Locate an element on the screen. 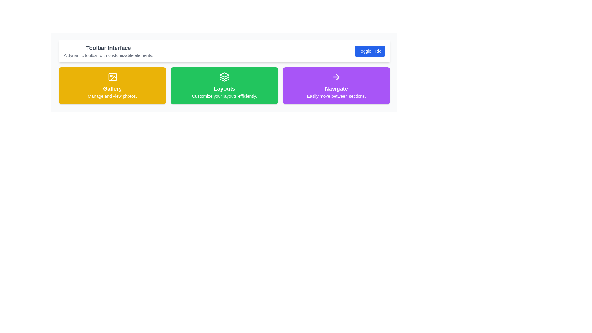 This screenshot has width=592, height=333. the Text Label that serves as the title for the green card, which is centrally positioned in the second card from the left in a row of three cards is located at coordinates (224, 89).